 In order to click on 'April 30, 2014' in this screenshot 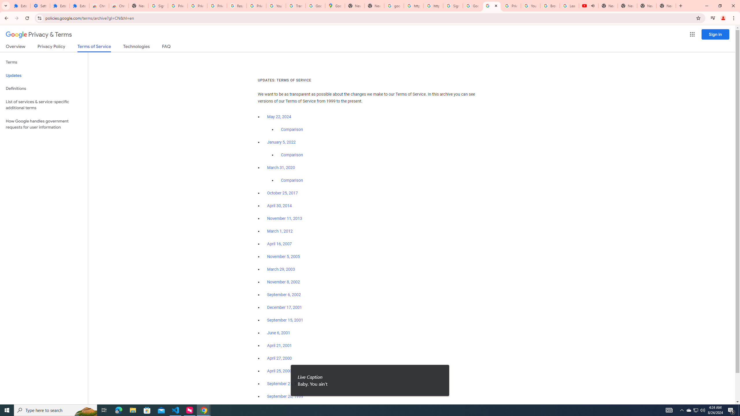, I will do `click(279, 206)`.